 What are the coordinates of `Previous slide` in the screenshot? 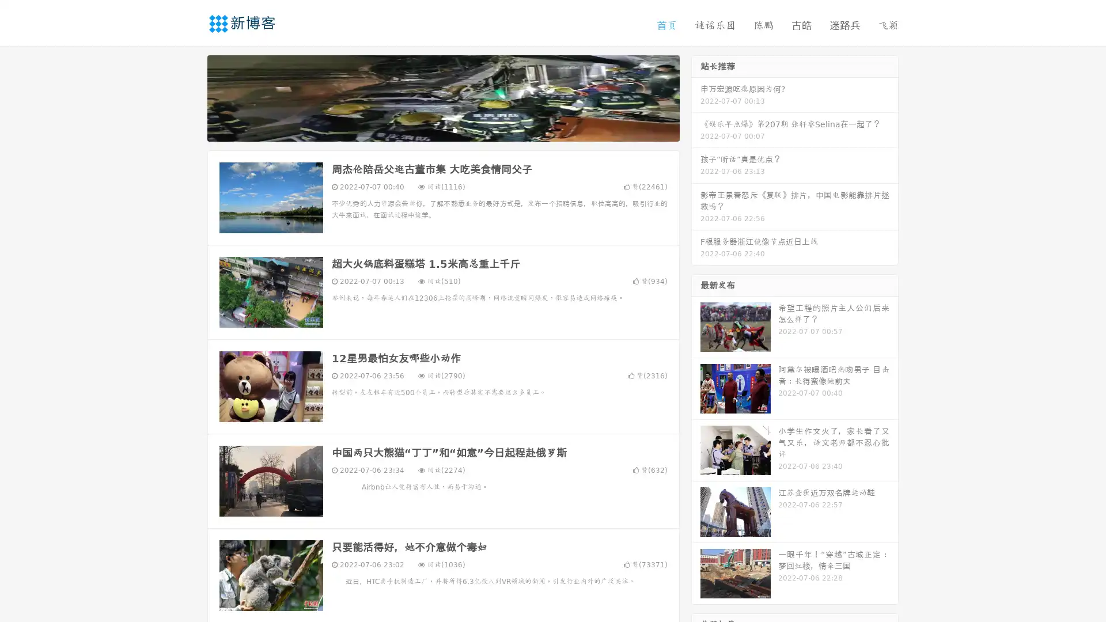 It's located at (190, 97).